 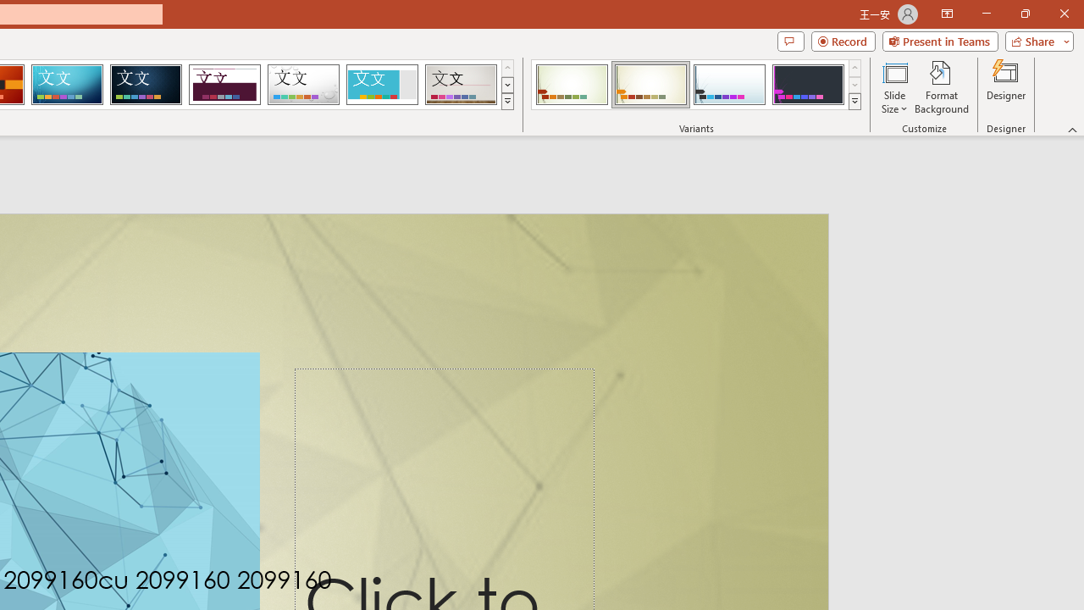 I want to click on 'Slide Size', so click(x=893, y=87).